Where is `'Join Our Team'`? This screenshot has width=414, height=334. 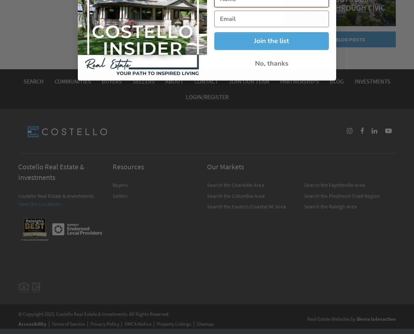 'Join Our Team' is located at coordinates (249, 81).